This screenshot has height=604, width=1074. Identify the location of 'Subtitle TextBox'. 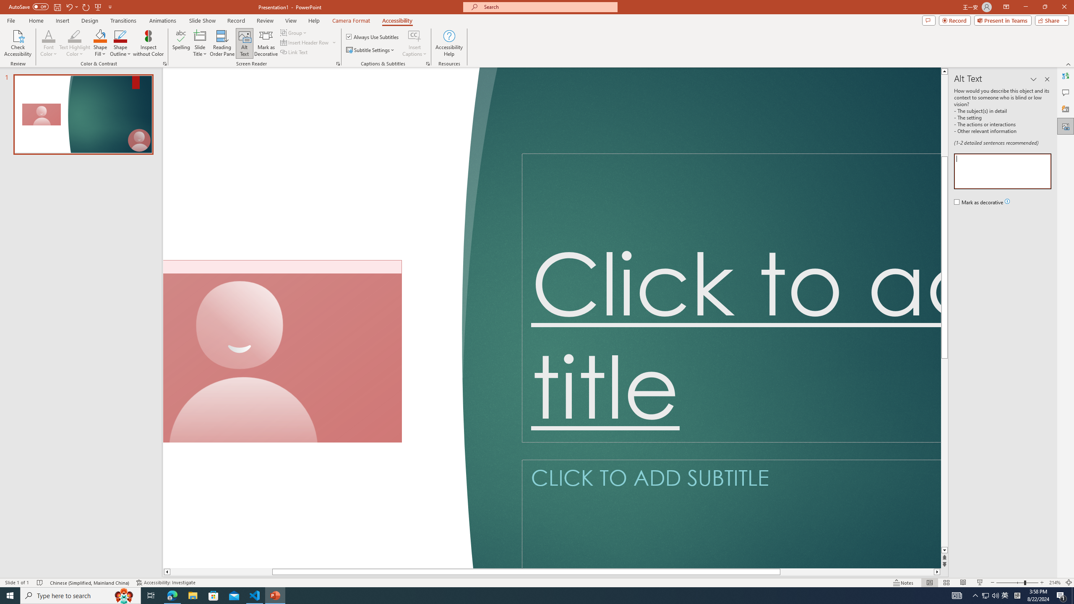
(731, 514).